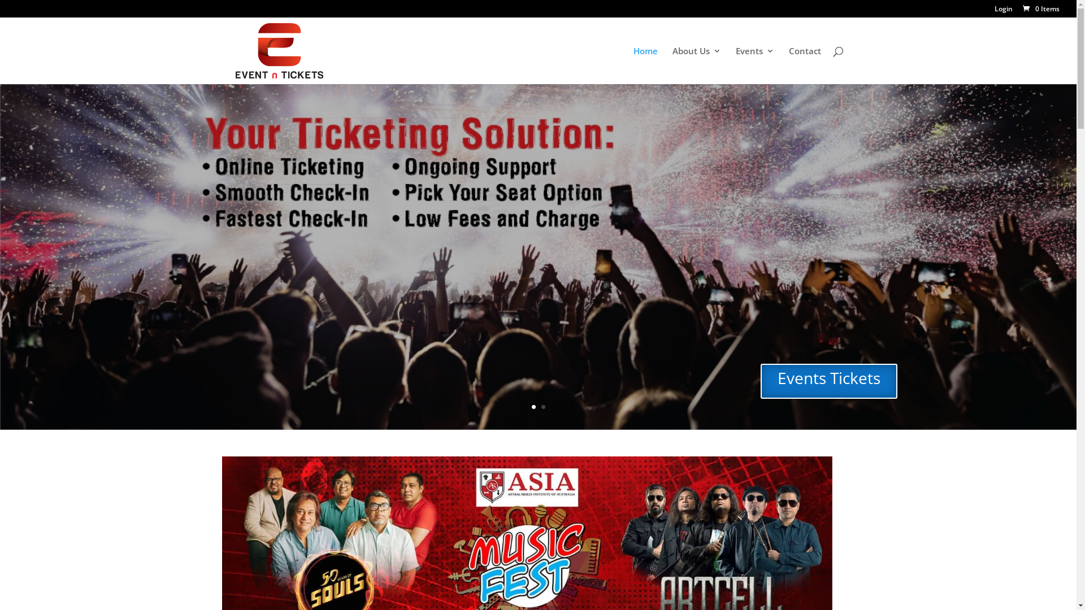  Describe the element at coordinates (543, 407) in the screenshot. I see `'2'` at that location.